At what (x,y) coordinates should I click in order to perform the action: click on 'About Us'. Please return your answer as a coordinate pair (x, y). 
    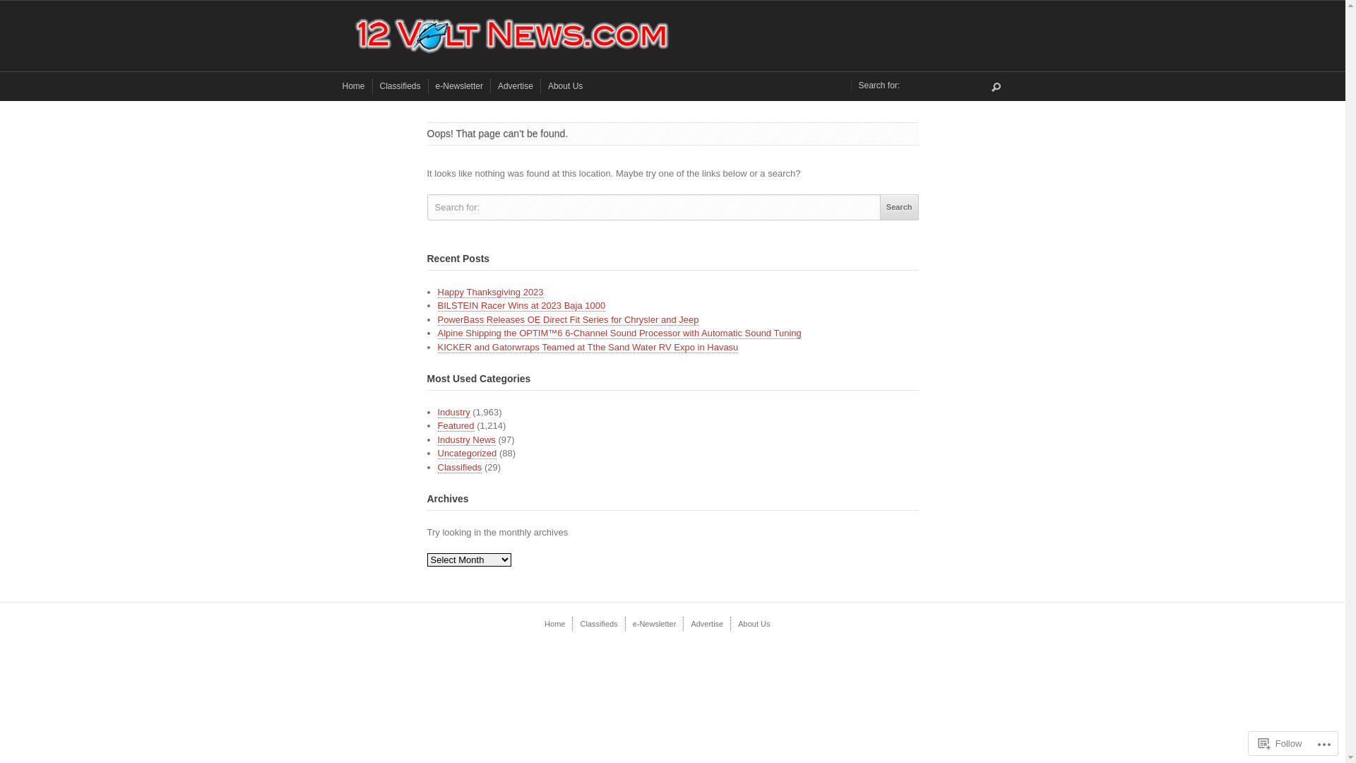
    Looking at the image, I should click on (565, 86).